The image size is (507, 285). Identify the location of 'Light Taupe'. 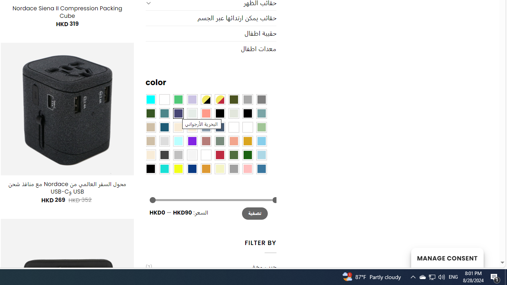
(151, 140).